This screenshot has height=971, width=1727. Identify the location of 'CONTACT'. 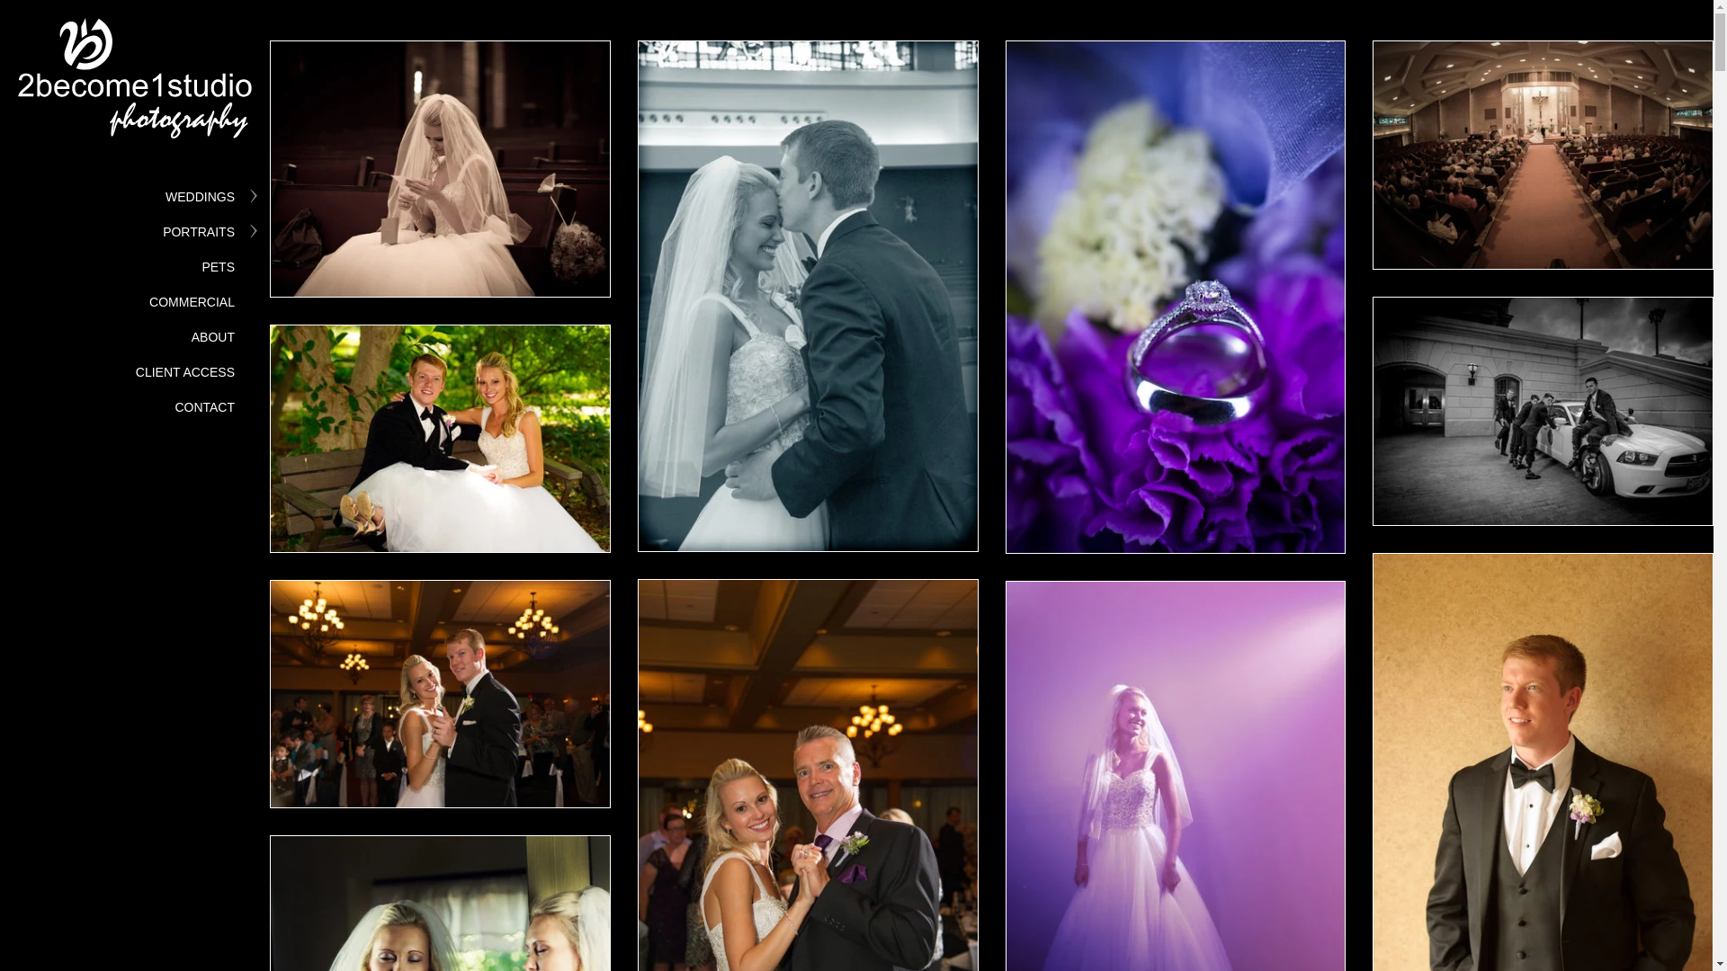
(204, 406).